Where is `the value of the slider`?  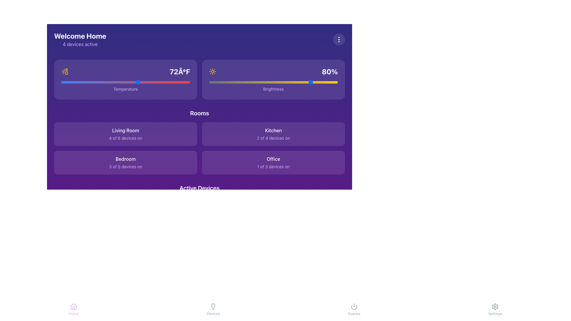 the value of the slider is located at coordinates (93, 82).